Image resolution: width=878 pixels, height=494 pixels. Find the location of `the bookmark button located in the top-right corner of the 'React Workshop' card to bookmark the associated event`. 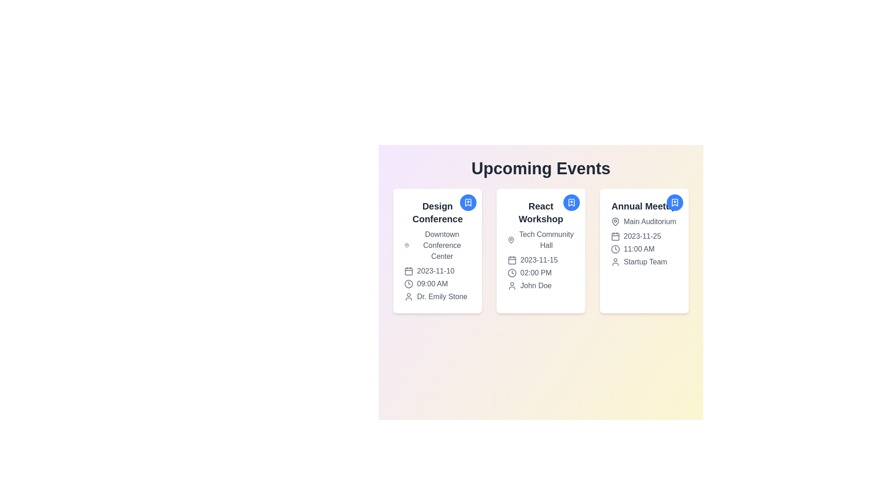

the bookmark button located in the top-right corner of the 'React Workshop' card to bookmark the associated event is located at coordinates (571, 202).